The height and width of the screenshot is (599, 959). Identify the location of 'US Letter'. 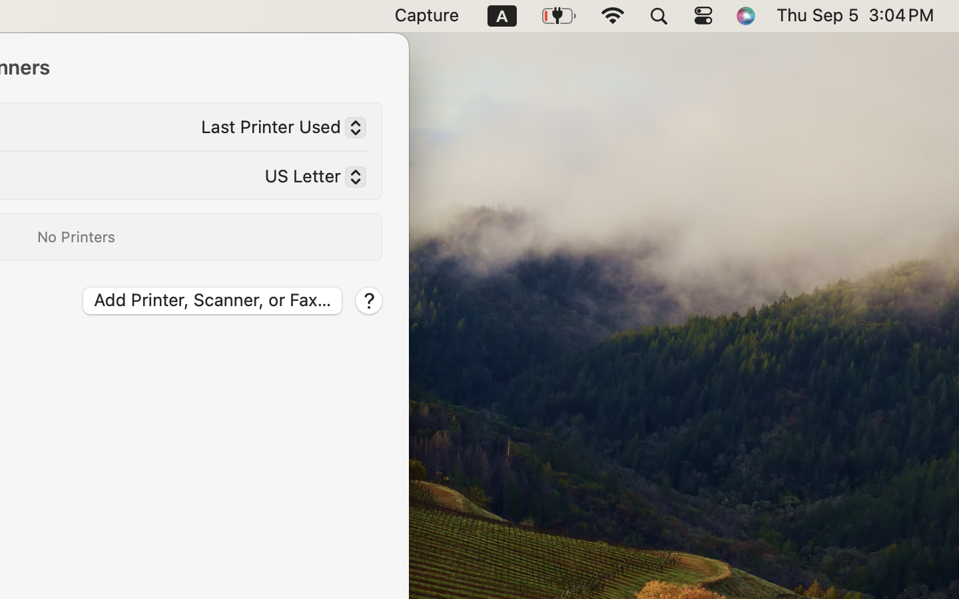
(309, 178).